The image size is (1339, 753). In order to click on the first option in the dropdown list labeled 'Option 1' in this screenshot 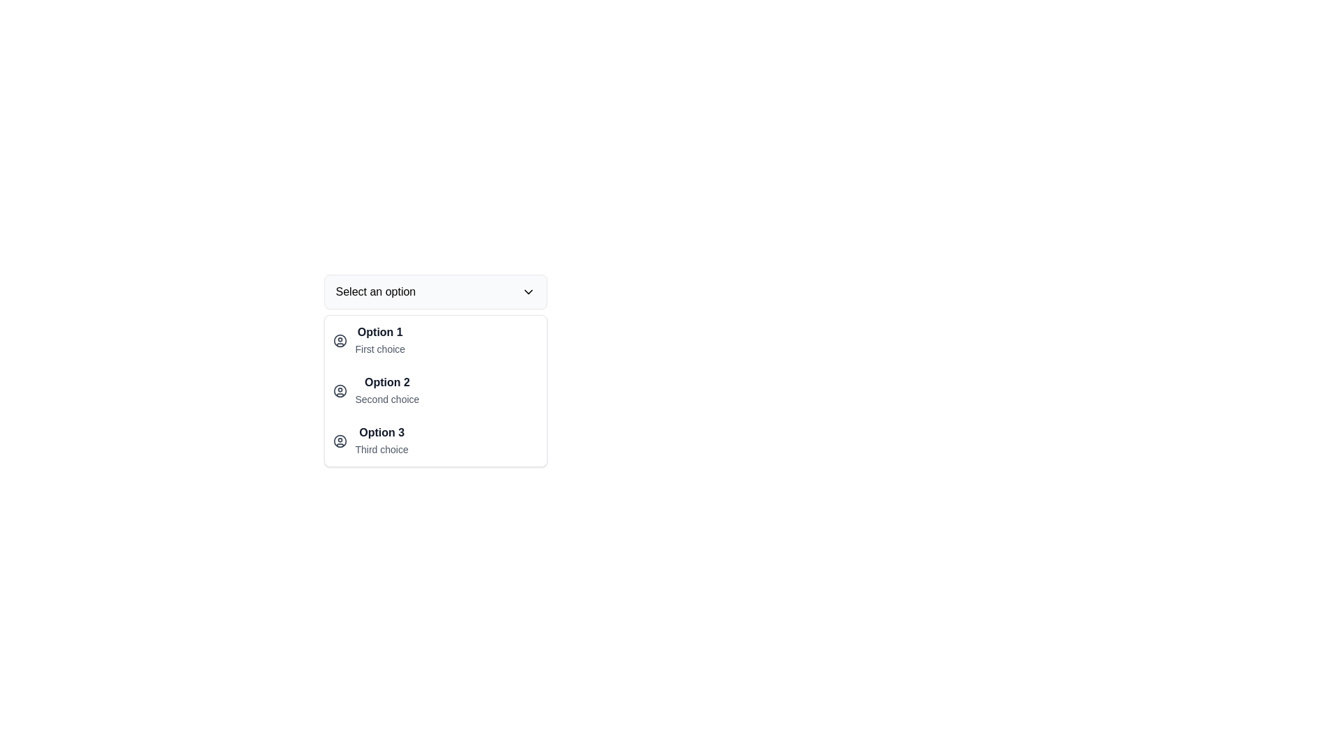, I will do `click(380, 341)`.